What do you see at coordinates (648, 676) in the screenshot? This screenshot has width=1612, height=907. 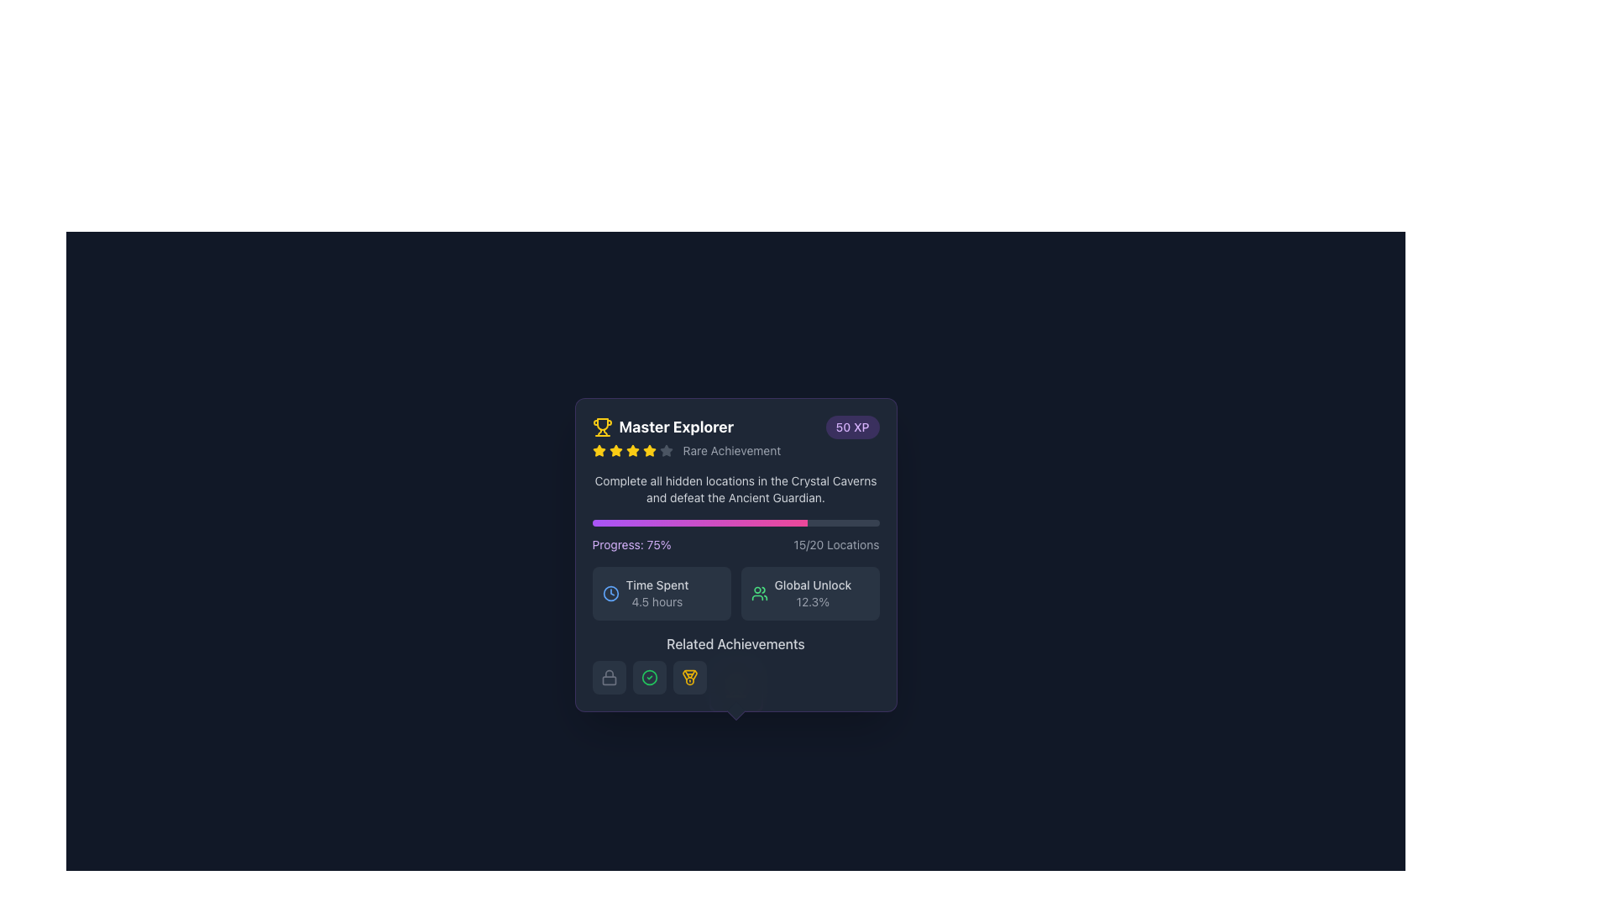 I see `the second rounded Icon button in the 'Related Achievements' section, which indicates a completed or verified task` at bounding box center [648, 676].